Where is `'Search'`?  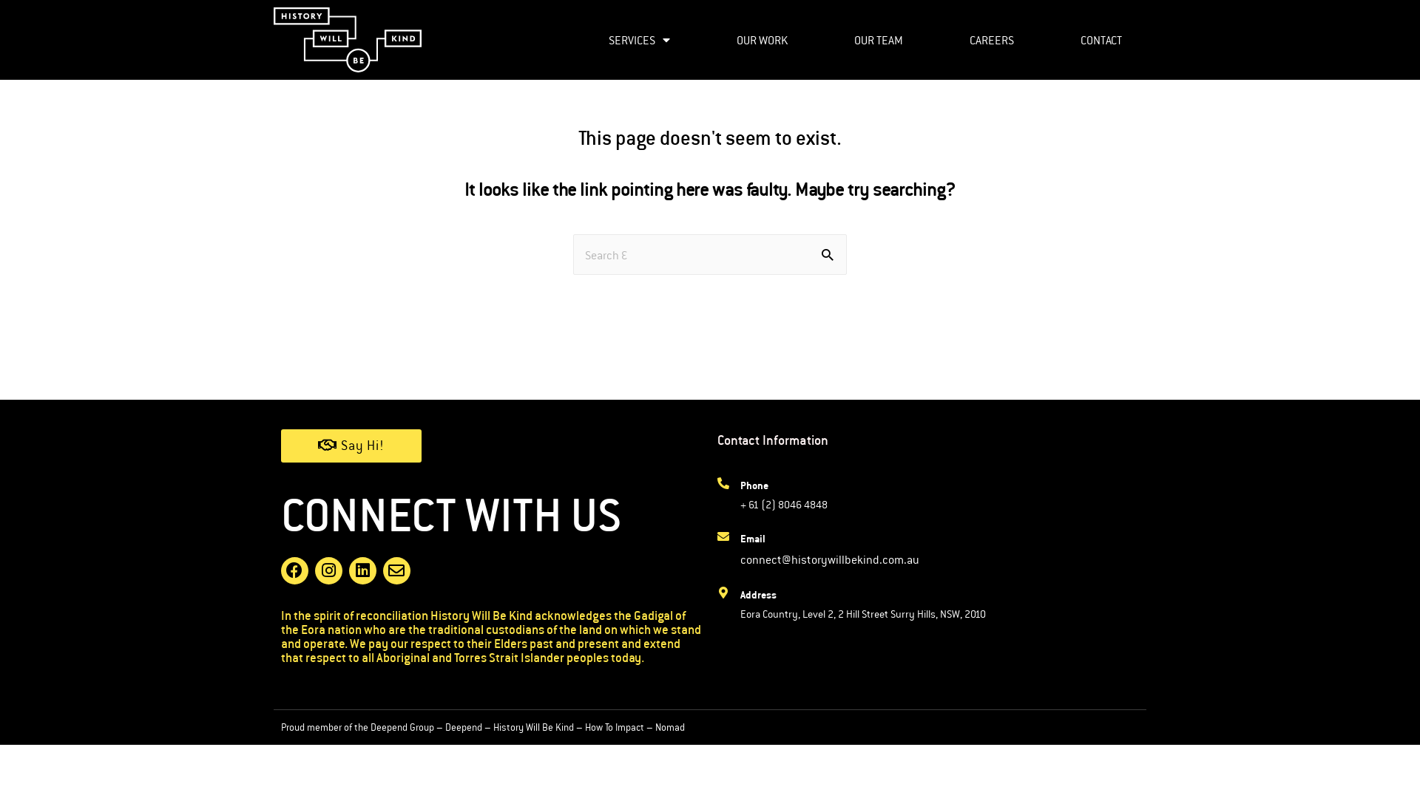
'Search' is located at coordinates (830, 255).